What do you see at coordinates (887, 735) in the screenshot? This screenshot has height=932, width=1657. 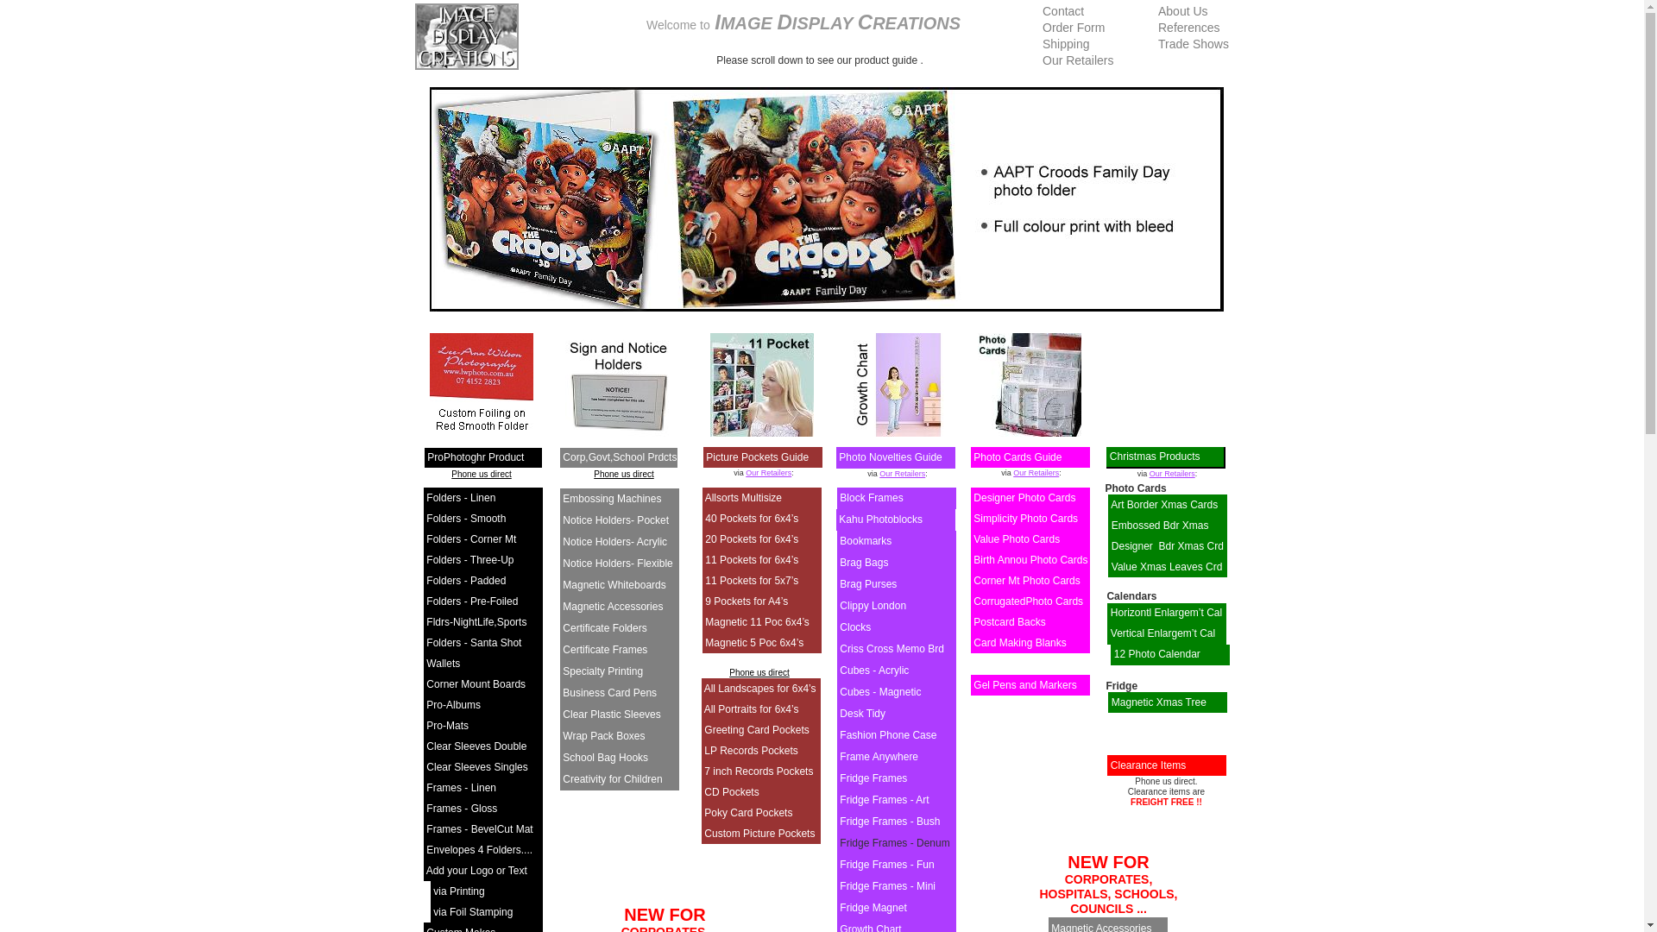 I see `'Fashion Phone Case'` at bounding box center [887, 735].